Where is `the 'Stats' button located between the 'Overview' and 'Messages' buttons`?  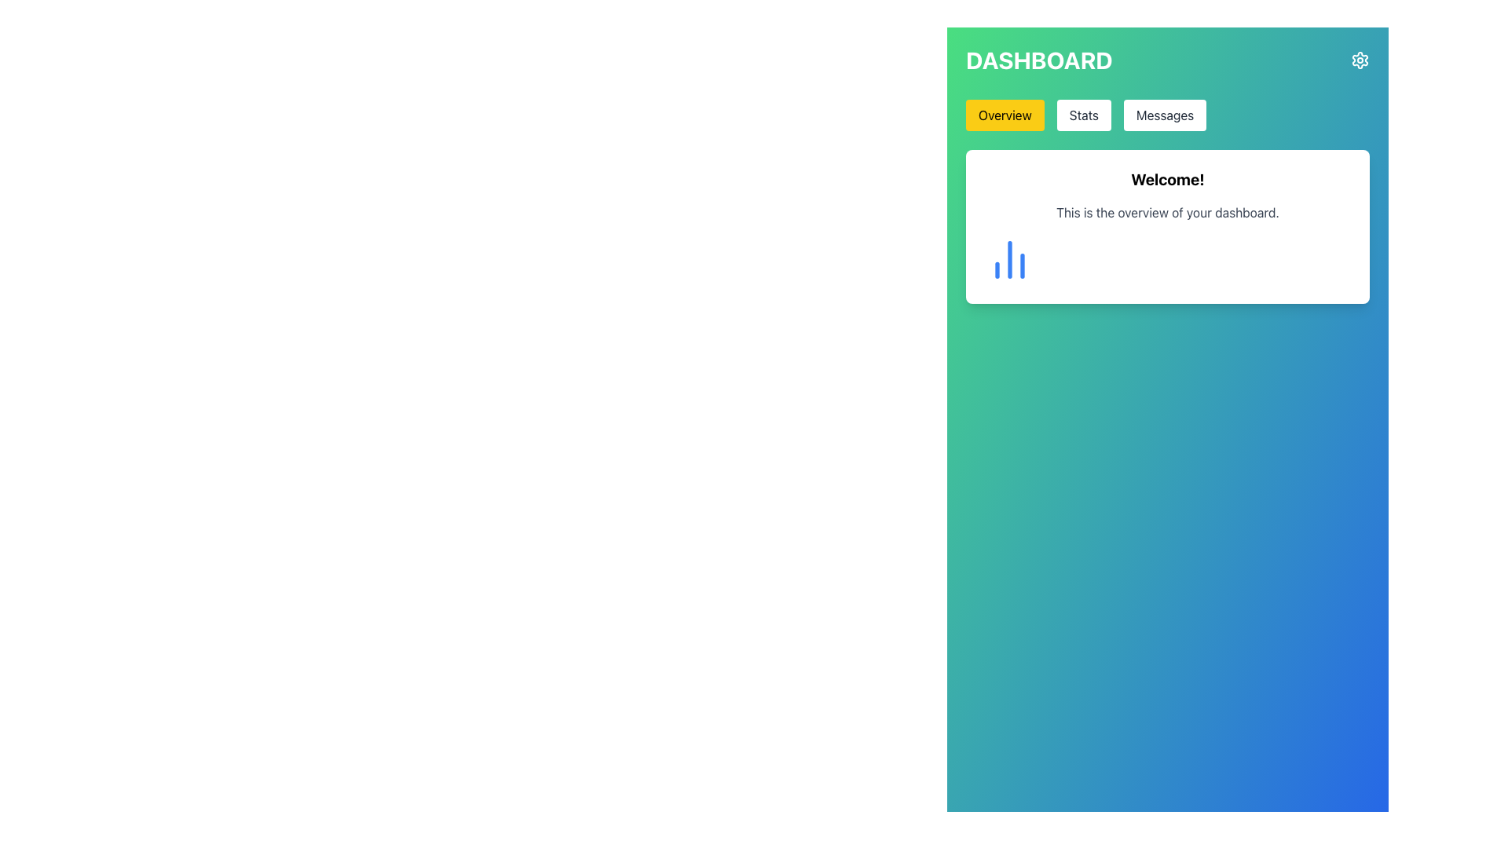
the 'Stats' button located between the 'Overview' and 'Messages' buttons is located at coordinates (1083, 114).